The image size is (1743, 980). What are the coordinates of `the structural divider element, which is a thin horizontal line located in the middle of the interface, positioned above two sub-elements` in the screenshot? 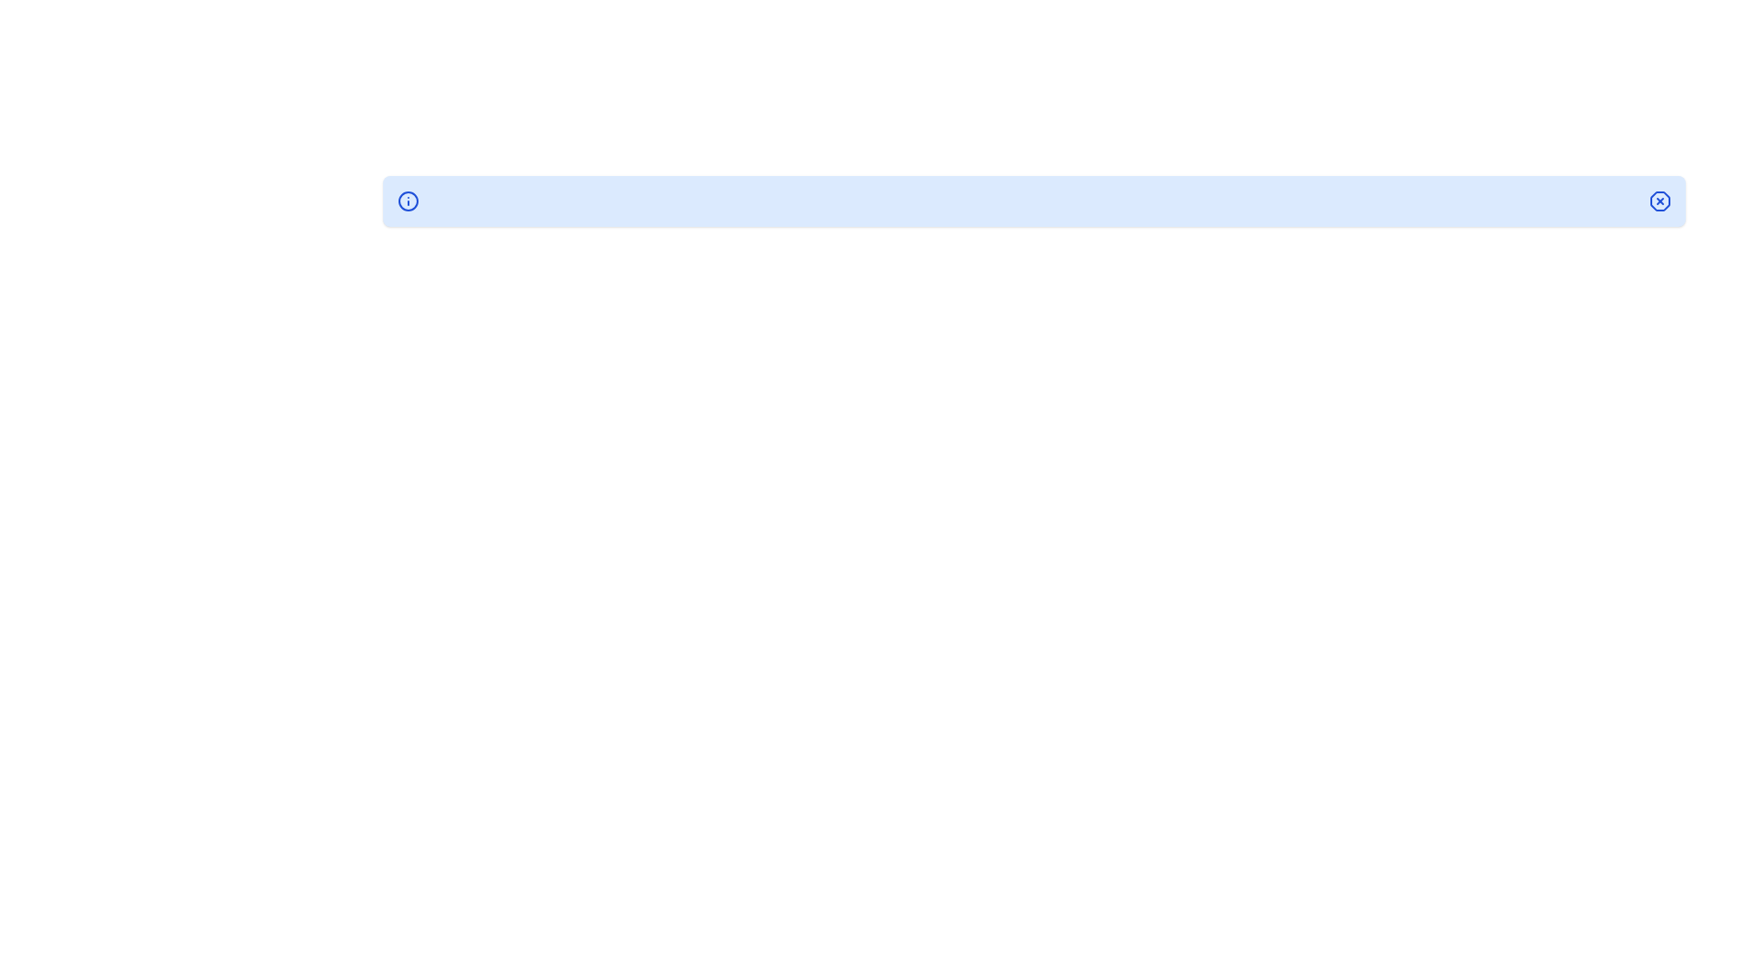 It's located at (1034, 192).